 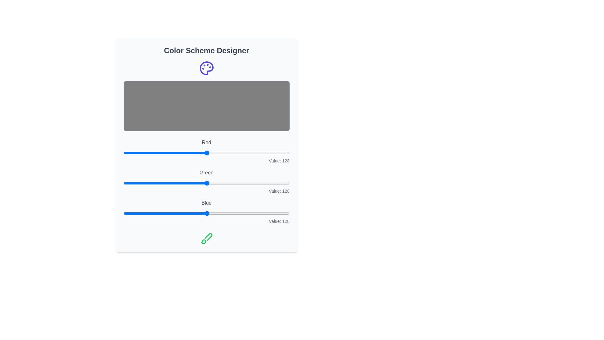 What do you see at coordinates (231, 213) in the screenshot?
I see `the slider value` at bounding box center [231, 213].